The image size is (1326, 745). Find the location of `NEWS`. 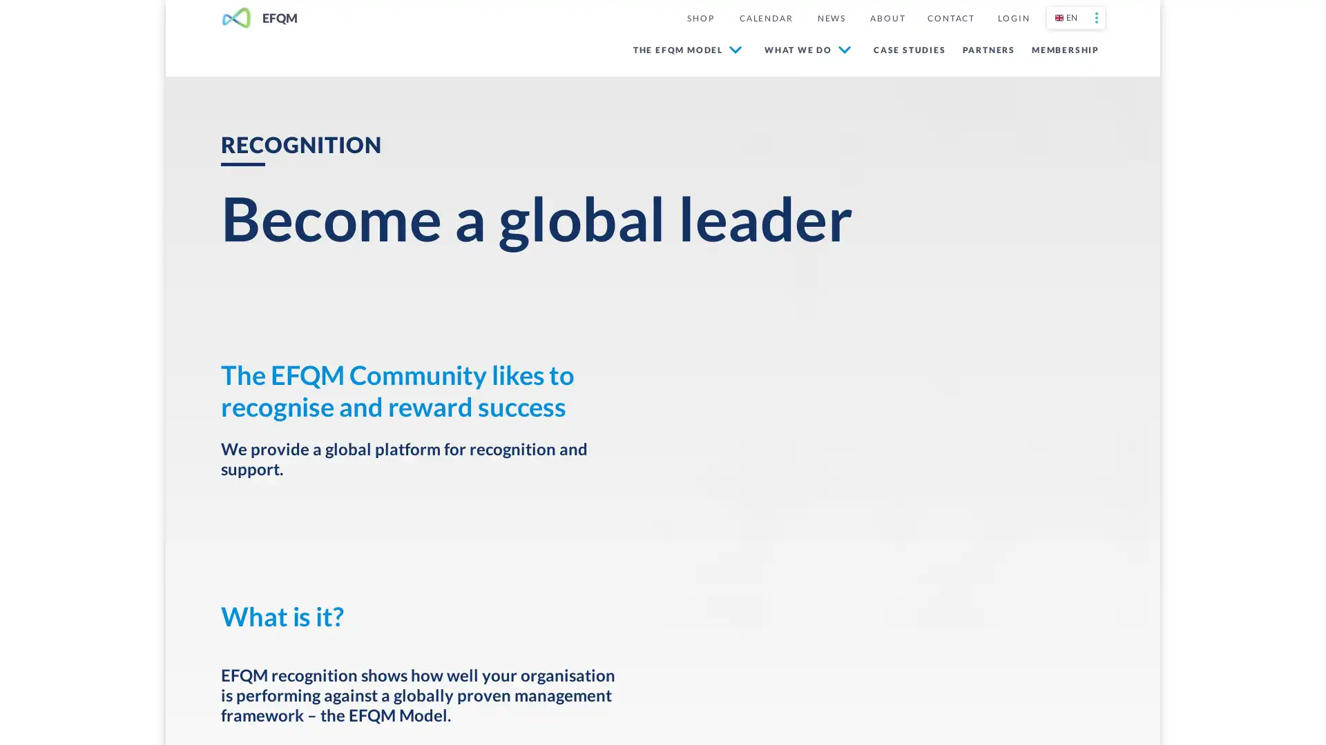

NEWS is located at coordinates (831, 18).